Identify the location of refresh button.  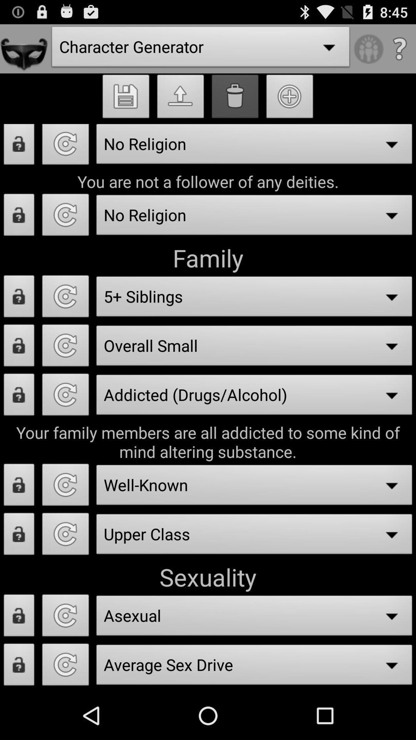
(65, 217).